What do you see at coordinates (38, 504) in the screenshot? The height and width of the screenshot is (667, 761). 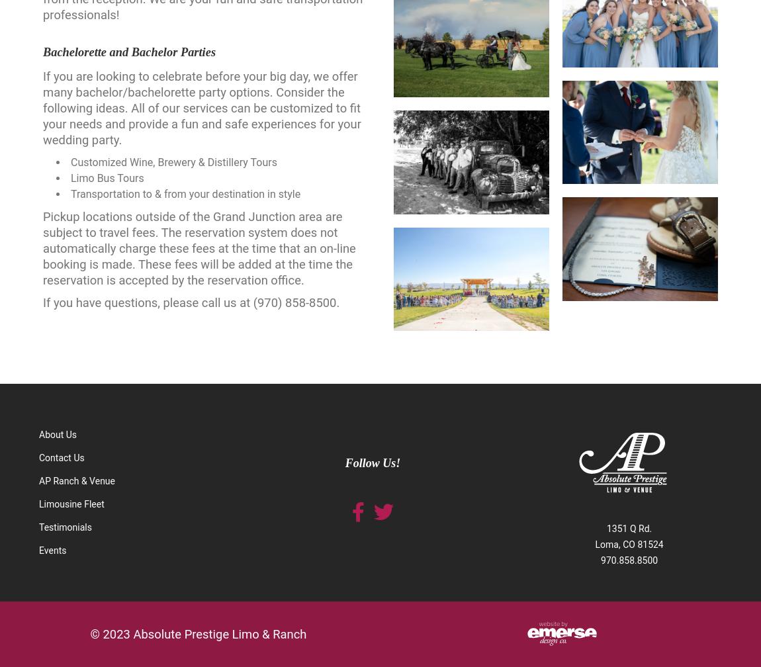 I see `'Limousine Fleet'` at bounding box center [38, 504].